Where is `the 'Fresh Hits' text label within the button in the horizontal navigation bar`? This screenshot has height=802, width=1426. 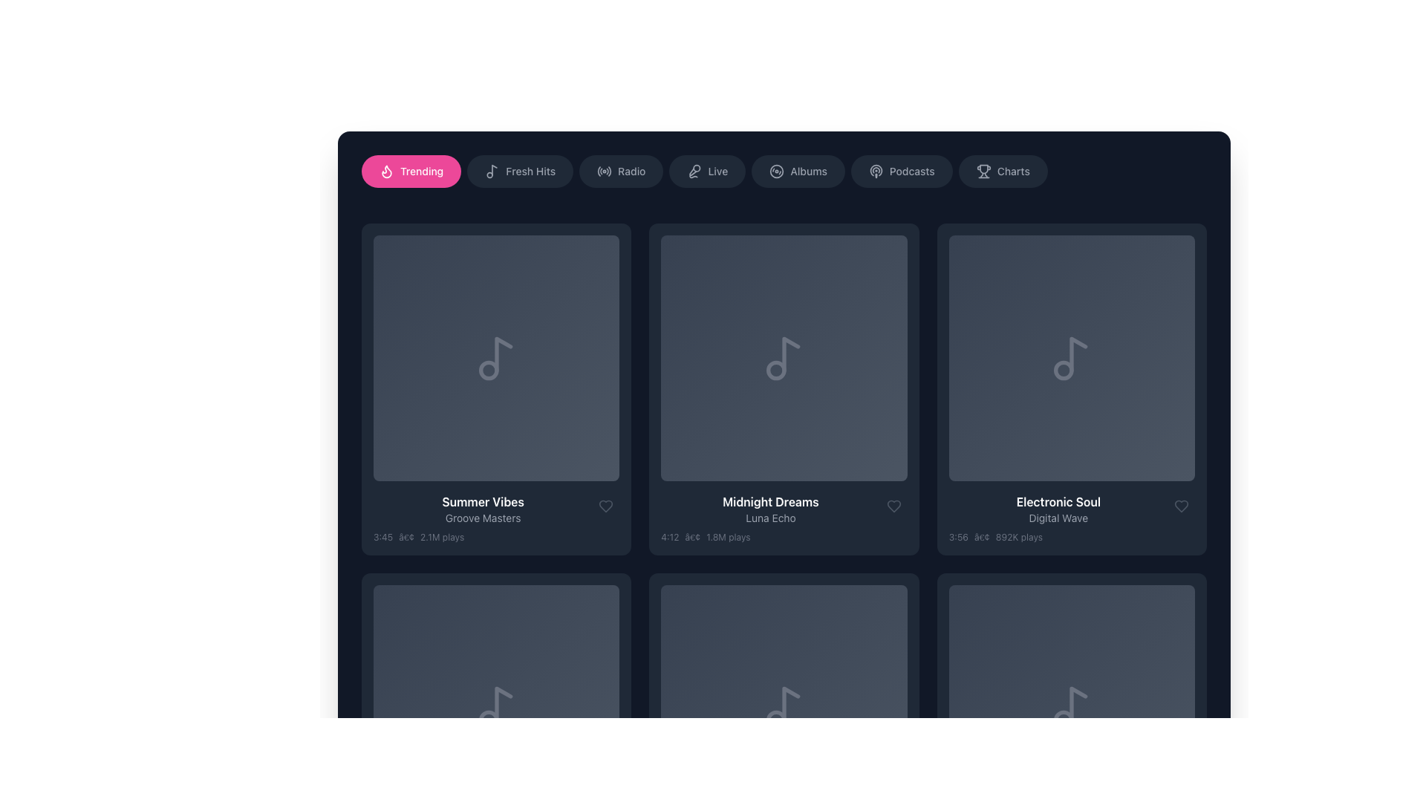 the 'Fresh Hits' text label within the button in the horizontal navigation bar is located at coordinates (530, 171).